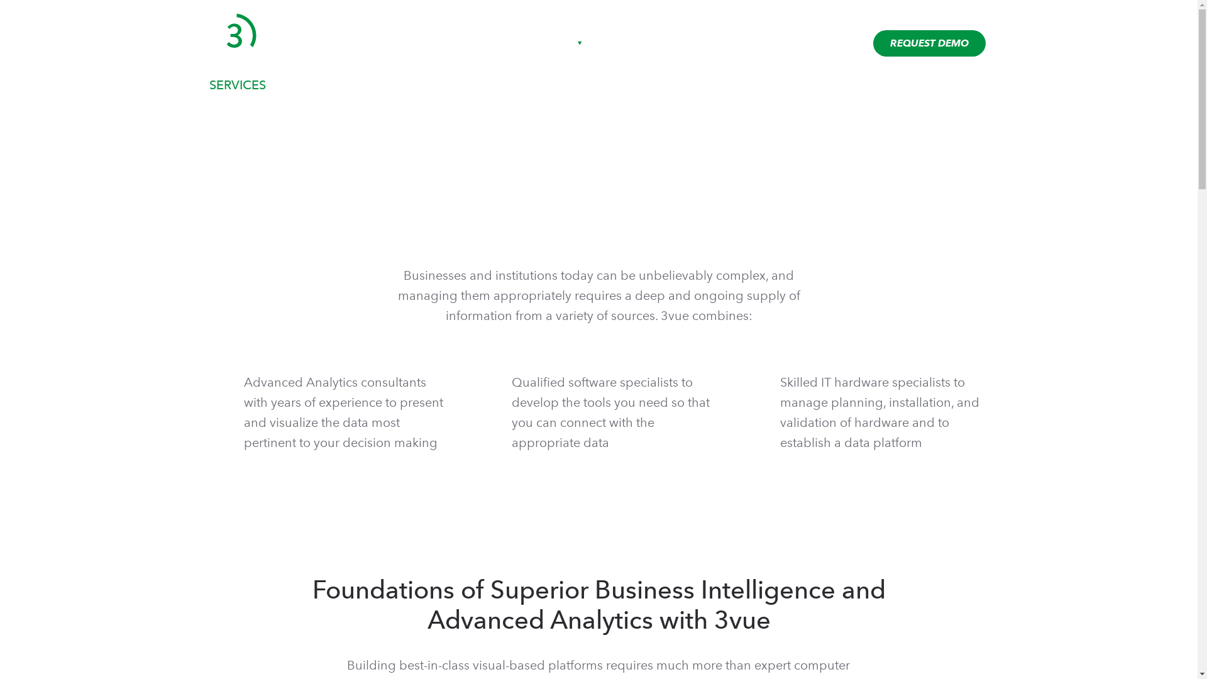 This screenshot has height=679, width=1207. Describe the element at coordinates (620, 43) in the screenshot. I see `'Services'` at that location.